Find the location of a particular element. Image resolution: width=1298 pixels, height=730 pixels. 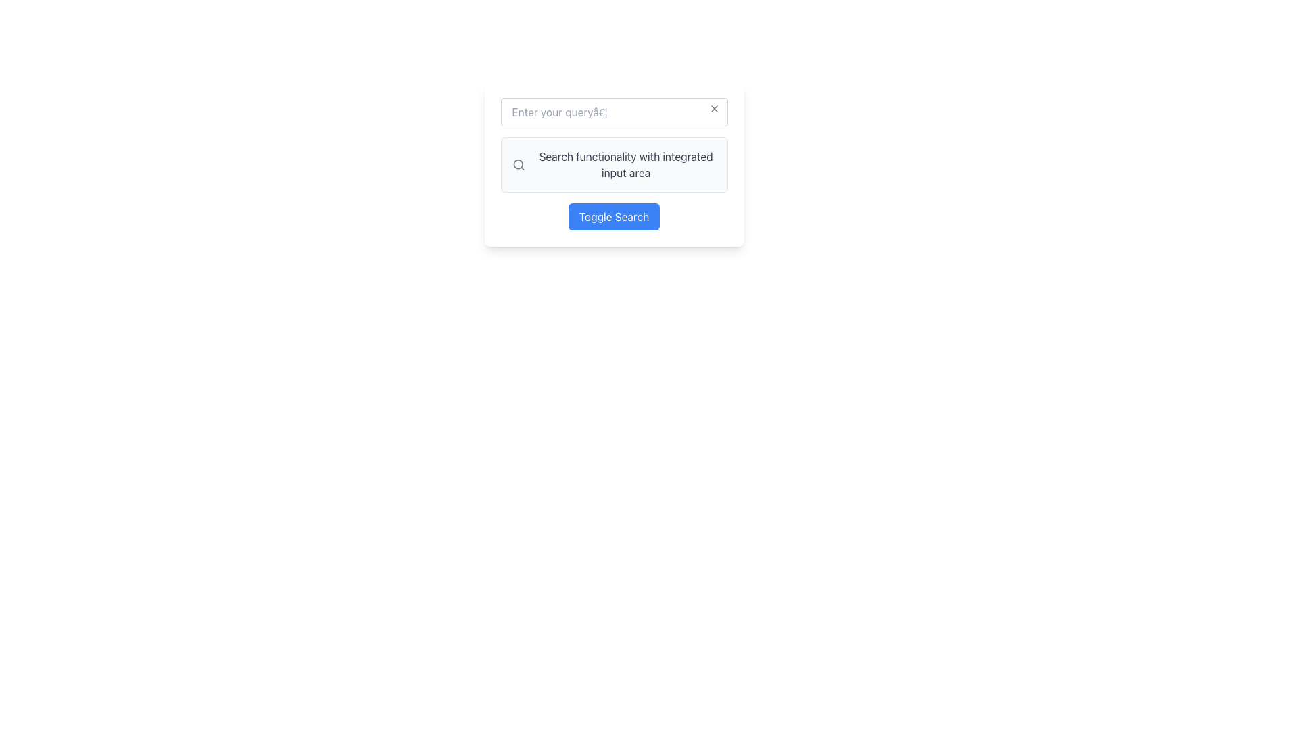

the search icon, represented by a magnifying glass shape, to initiate a search is located at coordinates (518, 164).